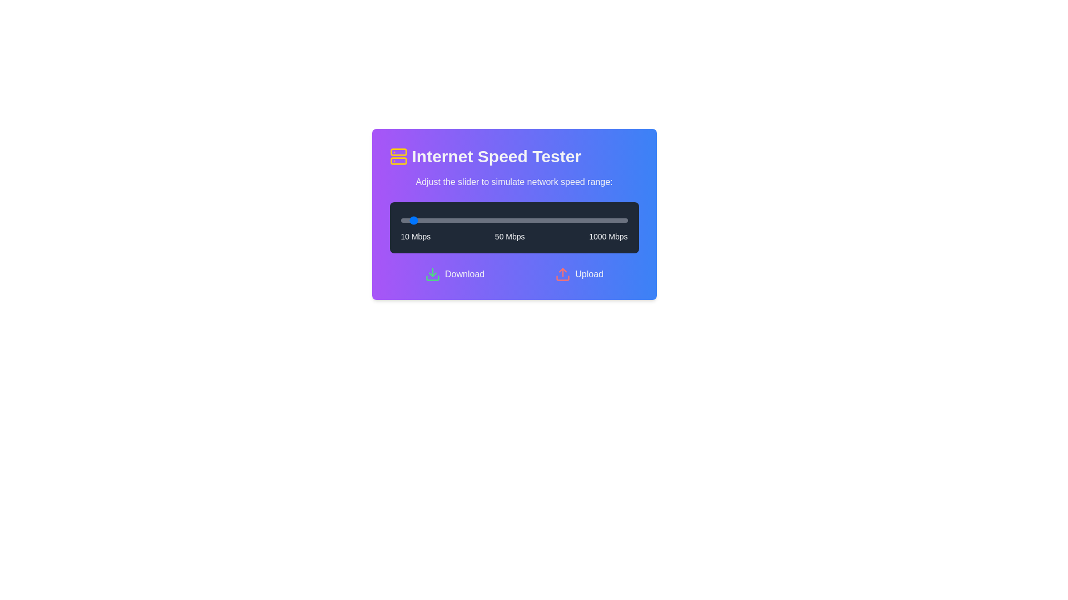  I want to click on the slider to set the speed to 129 Mbps, so click(427, 221).